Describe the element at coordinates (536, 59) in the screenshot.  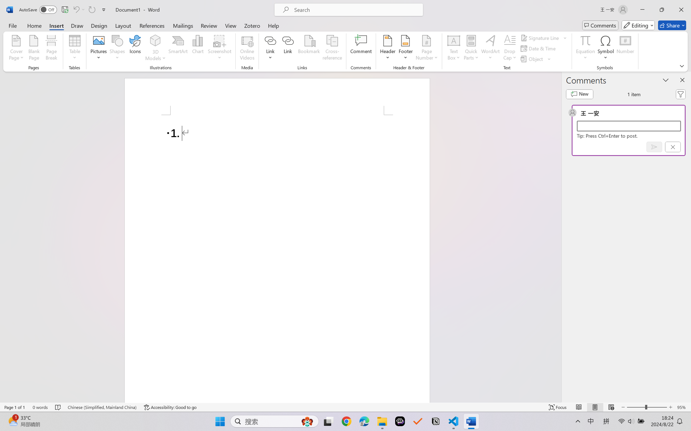
I see `'Object...'` at that location.